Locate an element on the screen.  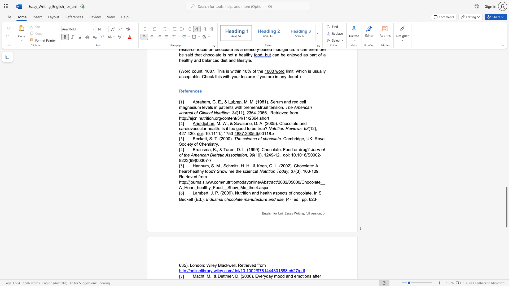
the vertical scrollbar to raise the page content is located at coordinates (506, 106).